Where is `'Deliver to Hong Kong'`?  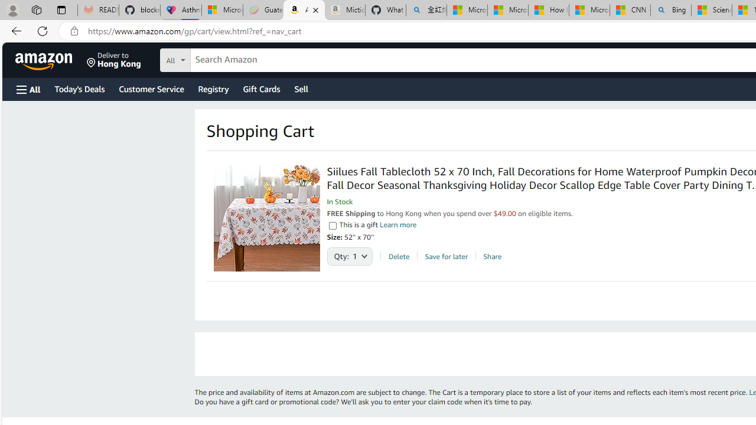 'Deliver to Hong Kong' is located at coordinates (114, 60).